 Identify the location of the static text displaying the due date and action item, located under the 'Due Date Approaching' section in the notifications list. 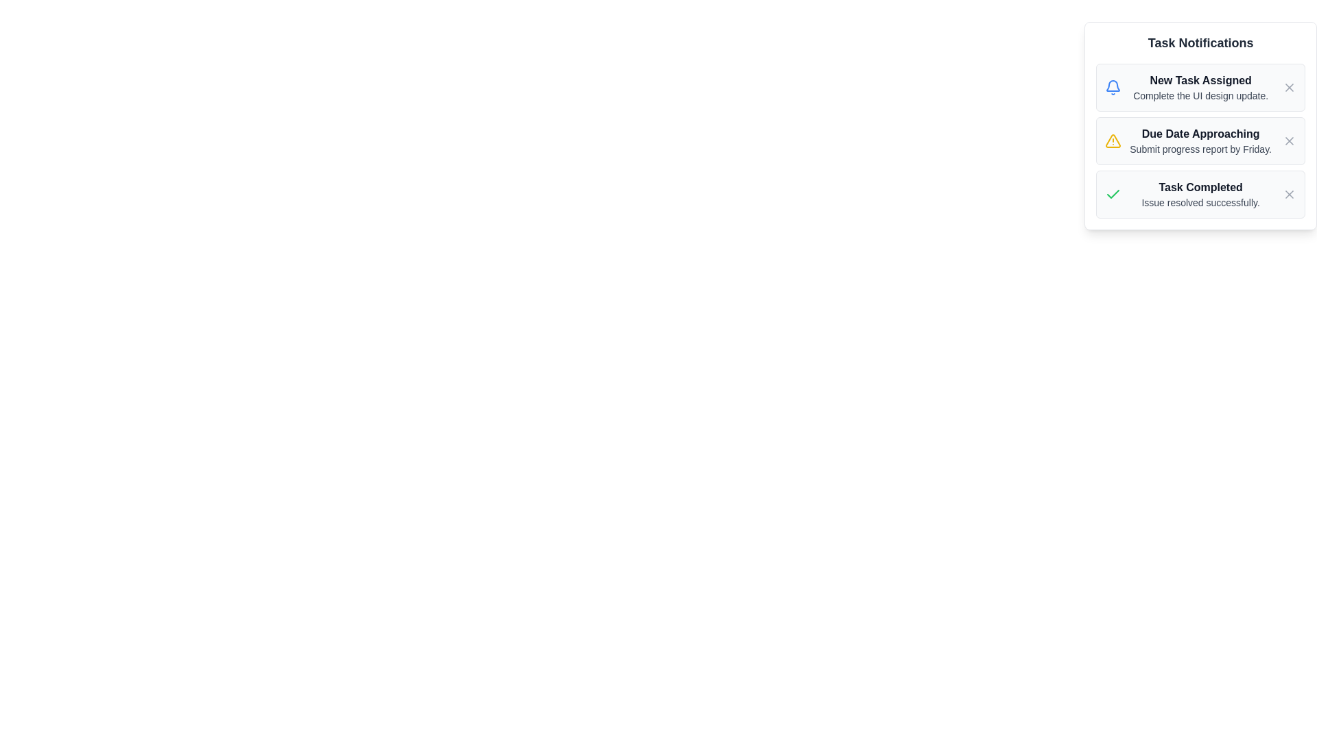
(1200, 149).